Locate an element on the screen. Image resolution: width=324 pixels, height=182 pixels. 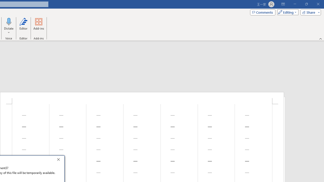
'Minimize' is located at coordinates (295, 4).